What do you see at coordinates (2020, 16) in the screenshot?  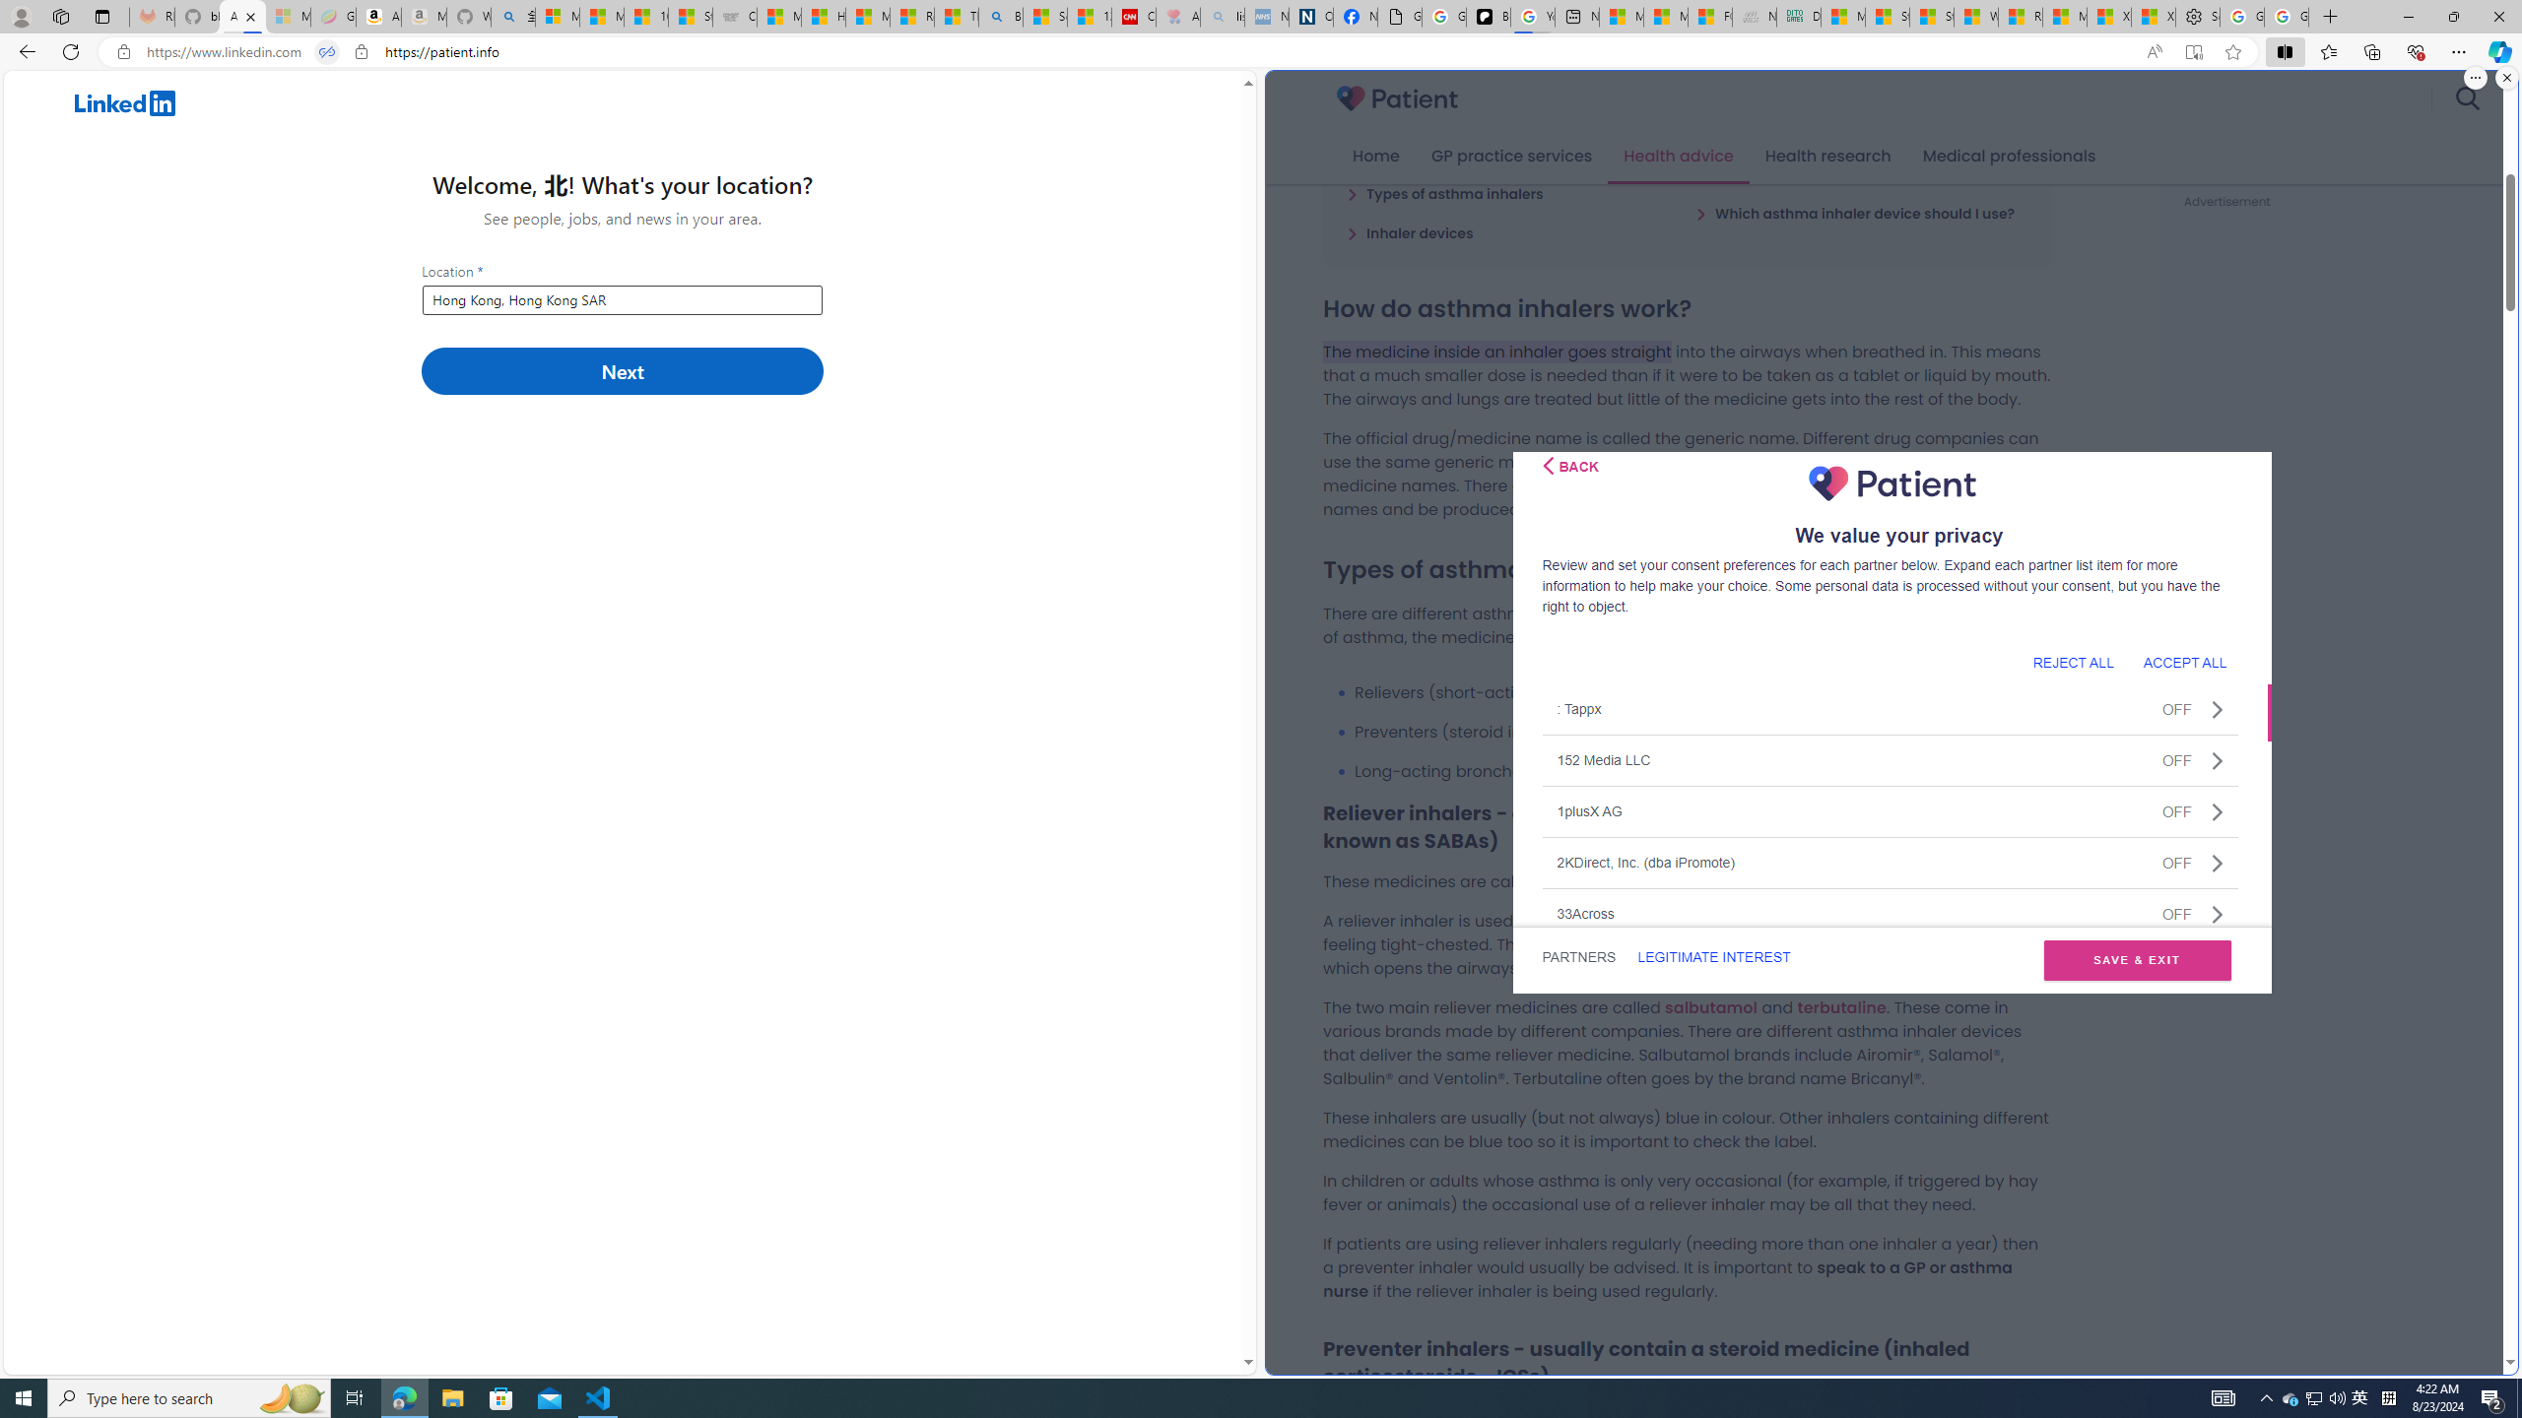 I see `'R******* | Trusted Community Engagement and Contributions'` at bounding box center [2020, 16].